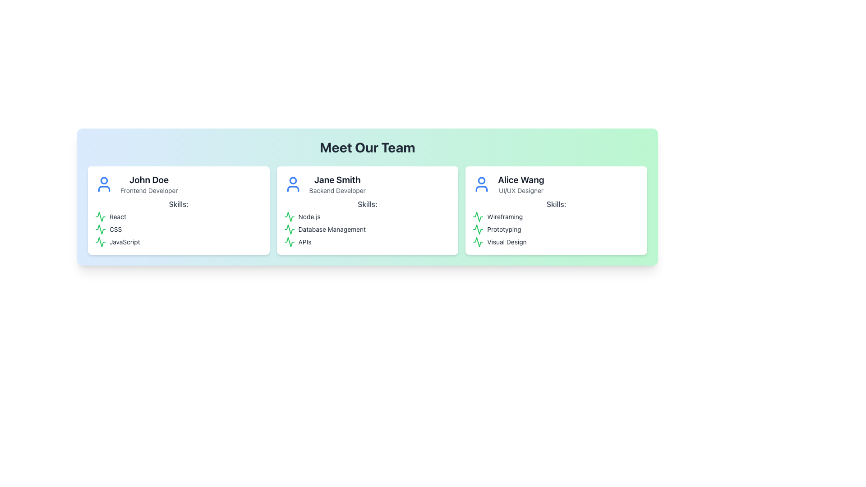  What do you see at coordinates (289, 217) in the screenshot?
I see `the skill icon associated with 'Node.js' in Jane Smith's profile under the skills section of the 'Meet Our Team' interface` at bounding box center [289, 217].